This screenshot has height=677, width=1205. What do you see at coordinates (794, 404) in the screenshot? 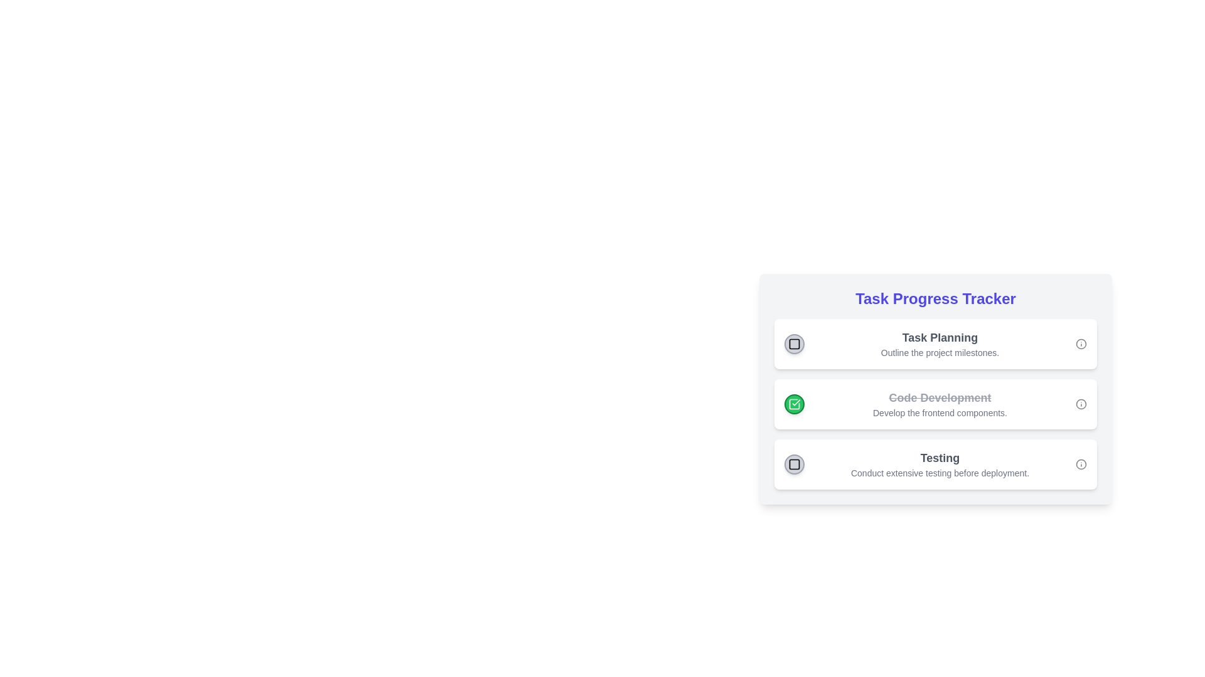
I see `the white check icon within the rounded green background, which indicates a completed task in the task management system, positioned to the left of the 'Code Development' task title` at bounding box center [794, 404].